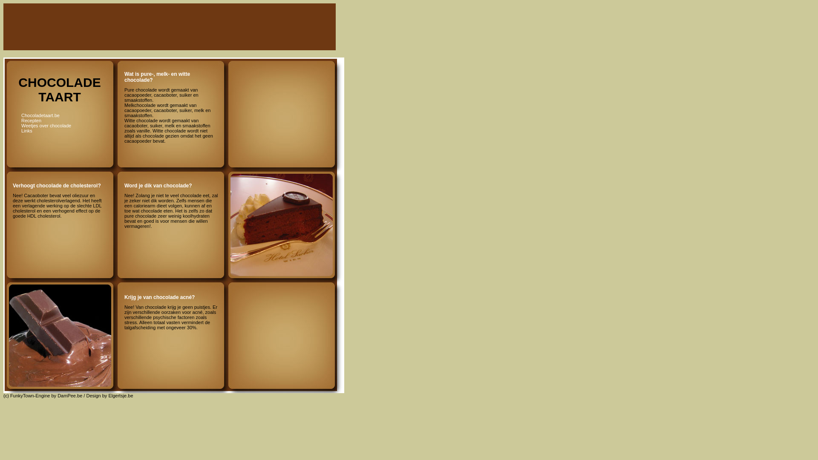 Image resolution: width=818 pixels, height=460 pixels. What do you see at coordinates (278, 86) in the screenshot?
I see `'Advertisement'` at bounding box center [278, 86].